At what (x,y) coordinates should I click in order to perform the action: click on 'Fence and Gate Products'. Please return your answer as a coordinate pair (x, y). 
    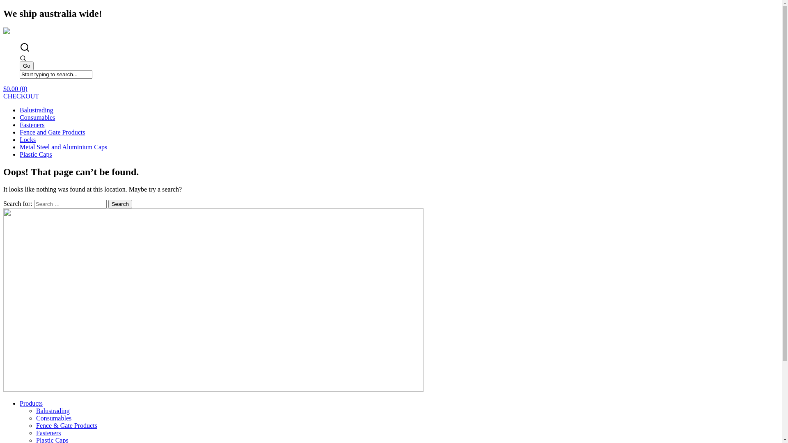
    Looking at the image, I should click on (52, 132).